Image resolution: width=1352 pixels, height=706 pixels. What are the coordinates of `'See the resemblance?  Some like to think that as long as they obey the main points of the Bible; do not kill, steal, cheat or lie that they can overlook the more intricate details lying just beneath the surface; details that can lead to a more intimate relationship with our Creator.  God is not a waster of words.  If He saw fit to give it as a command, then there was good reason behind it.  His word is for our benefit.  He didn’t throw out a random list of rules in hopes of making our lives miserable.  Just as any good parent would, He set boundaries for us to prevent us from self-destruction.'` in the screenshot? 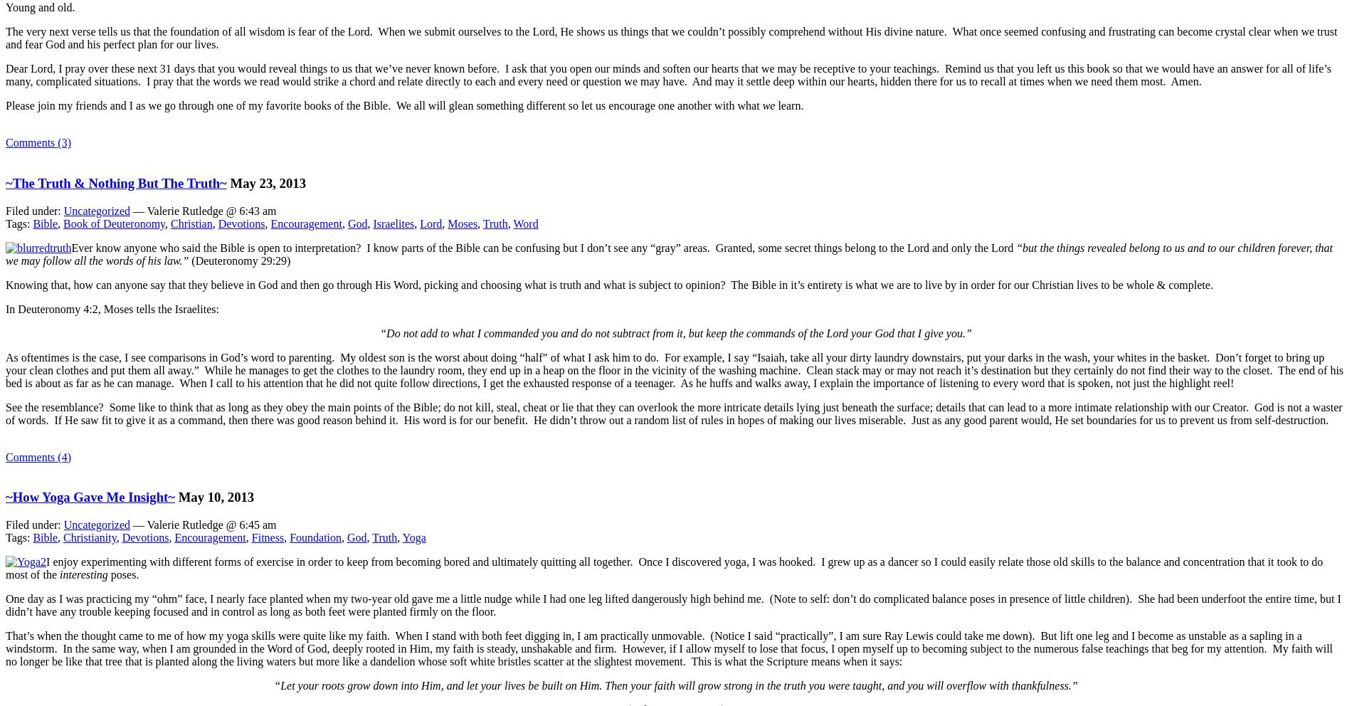 It's located at (672, 412).